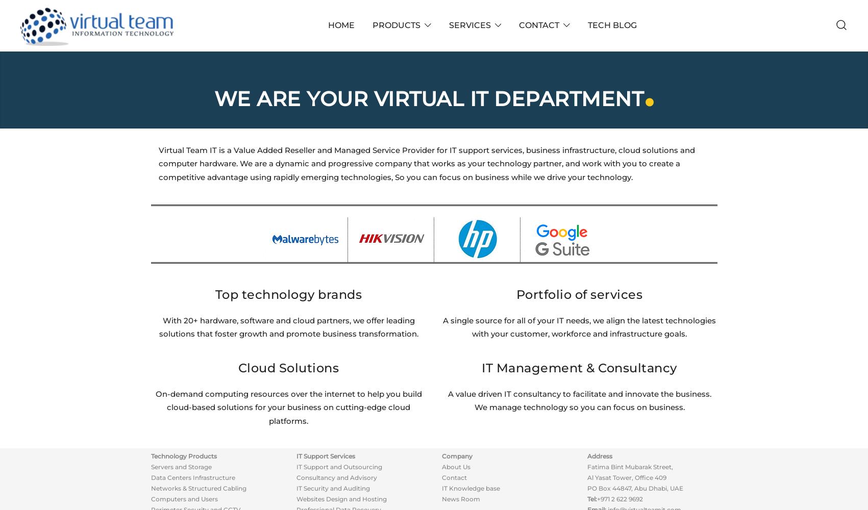 This screenshot has height=510, width=868. What do you see at coordinates (338, 467) in the screenshot?
I see `'IT Support and Outsourcing'` at bounding box center [338, 467].